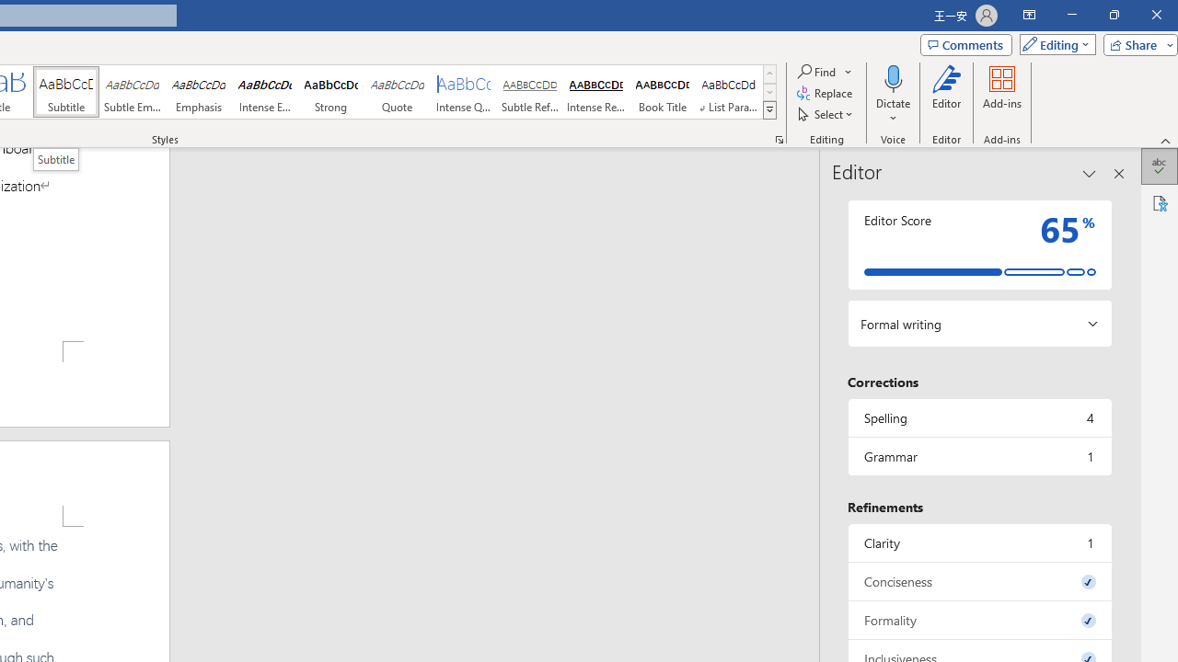  Describe the element at coordinates (816, 71) in the screenshot. I see `'Find'` at that location.